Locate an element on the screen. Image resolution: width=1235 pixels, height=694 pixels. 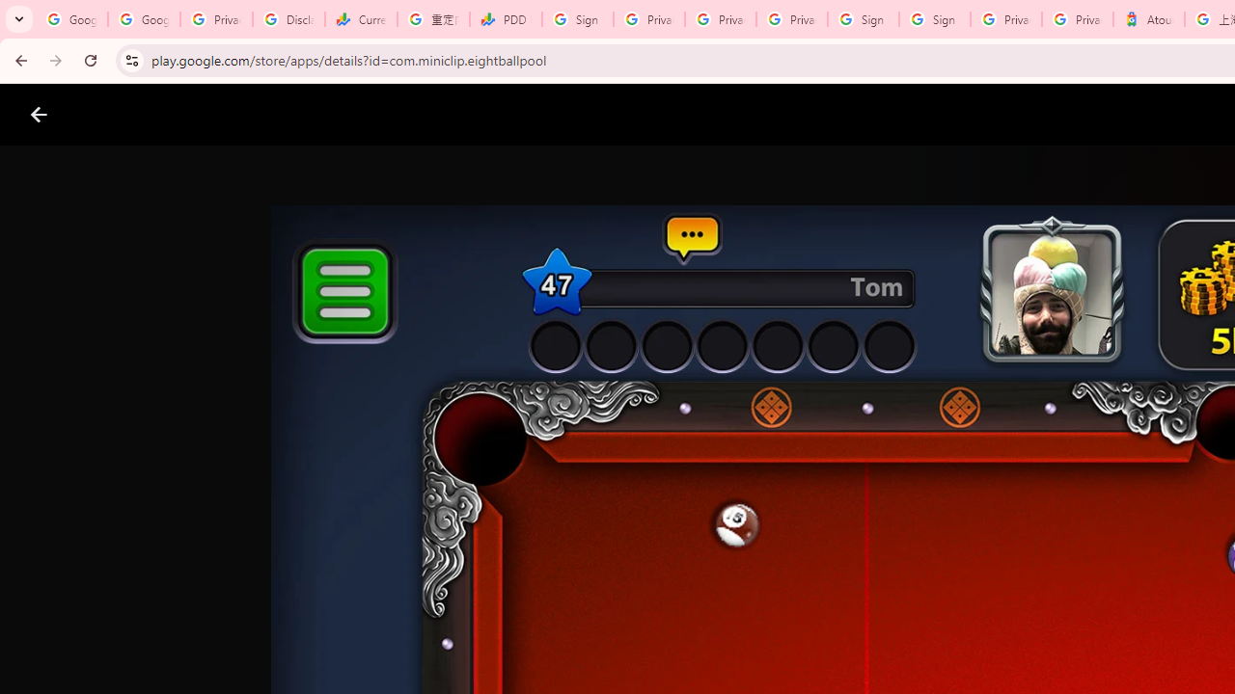
'Currencies - Google Finance' is located at coordinates (361, 19).